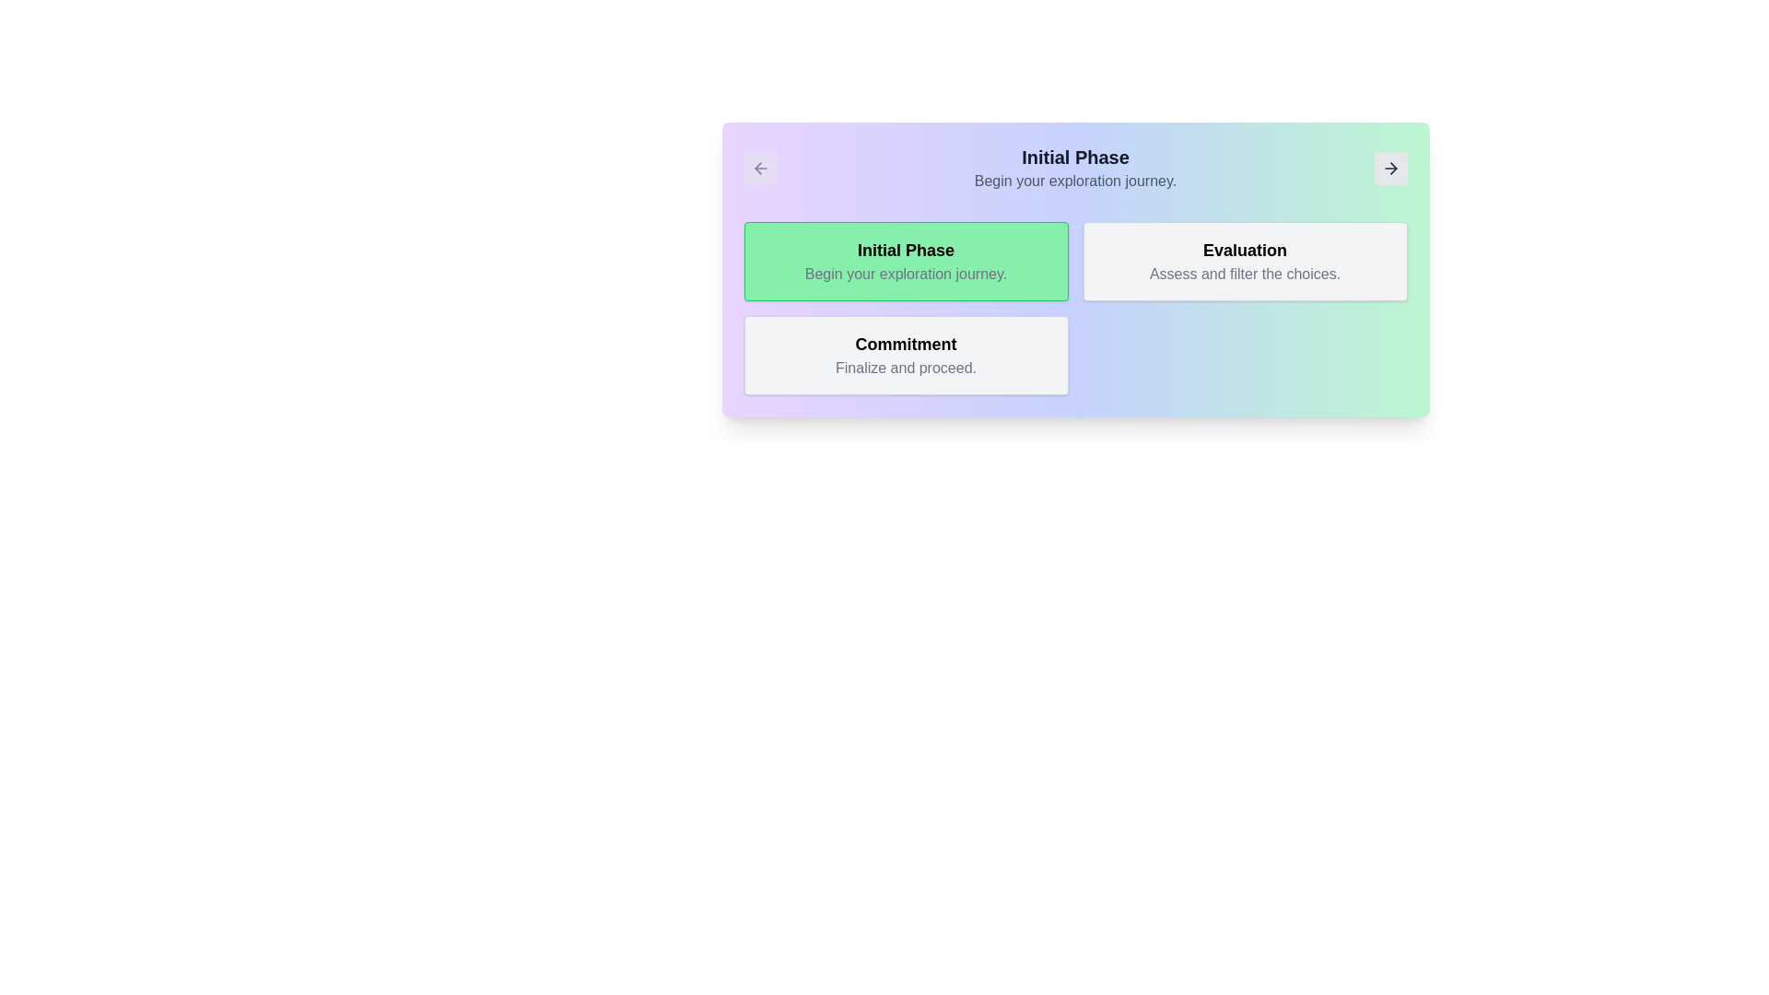  What do you see at coordinates (1075, 181) in the screenshot?
I see `the informational text element providing details about the 'Initial Phase', located directly below the 'Initial Phase' heading` at bounding box center [1075, 181].